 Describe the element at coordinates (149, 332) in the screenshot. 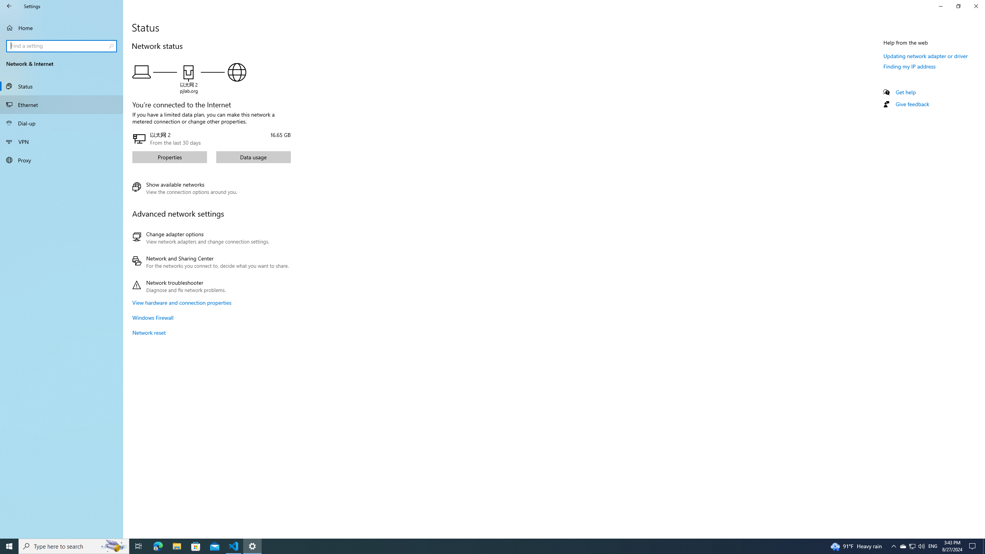

I see `'Network reset'` at that location.